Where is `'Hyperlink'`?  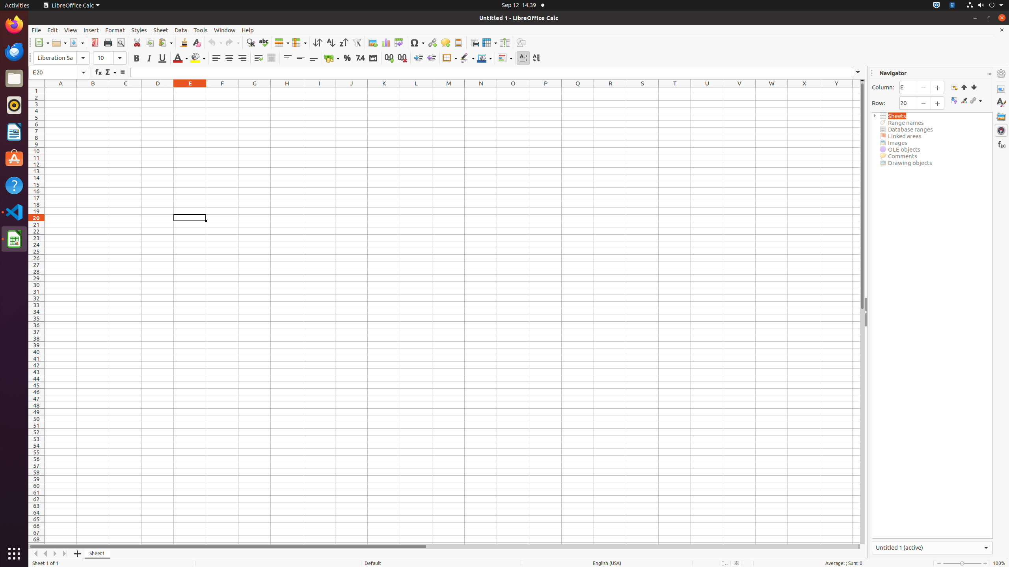 'Hyperlink' is located at coordinates (432, 42).